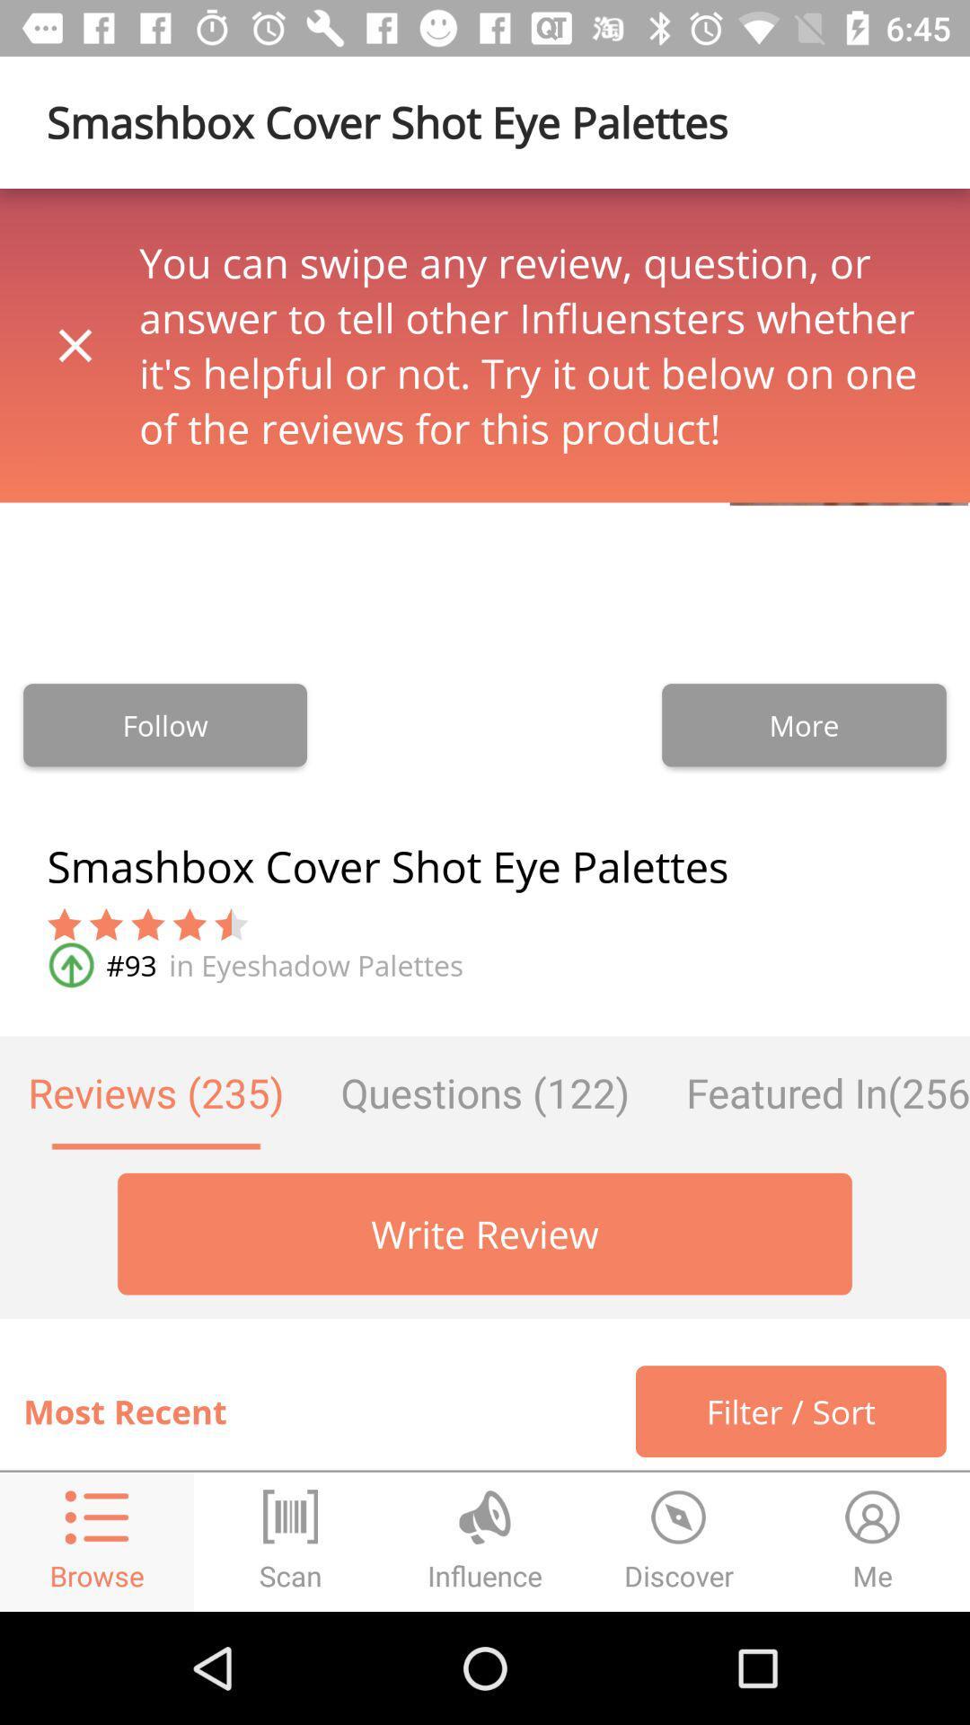 The height and width of the screenshot is (1725, 970). Describe the element at coordinates (803, 725) in the screenshot. I see `more` at that location.